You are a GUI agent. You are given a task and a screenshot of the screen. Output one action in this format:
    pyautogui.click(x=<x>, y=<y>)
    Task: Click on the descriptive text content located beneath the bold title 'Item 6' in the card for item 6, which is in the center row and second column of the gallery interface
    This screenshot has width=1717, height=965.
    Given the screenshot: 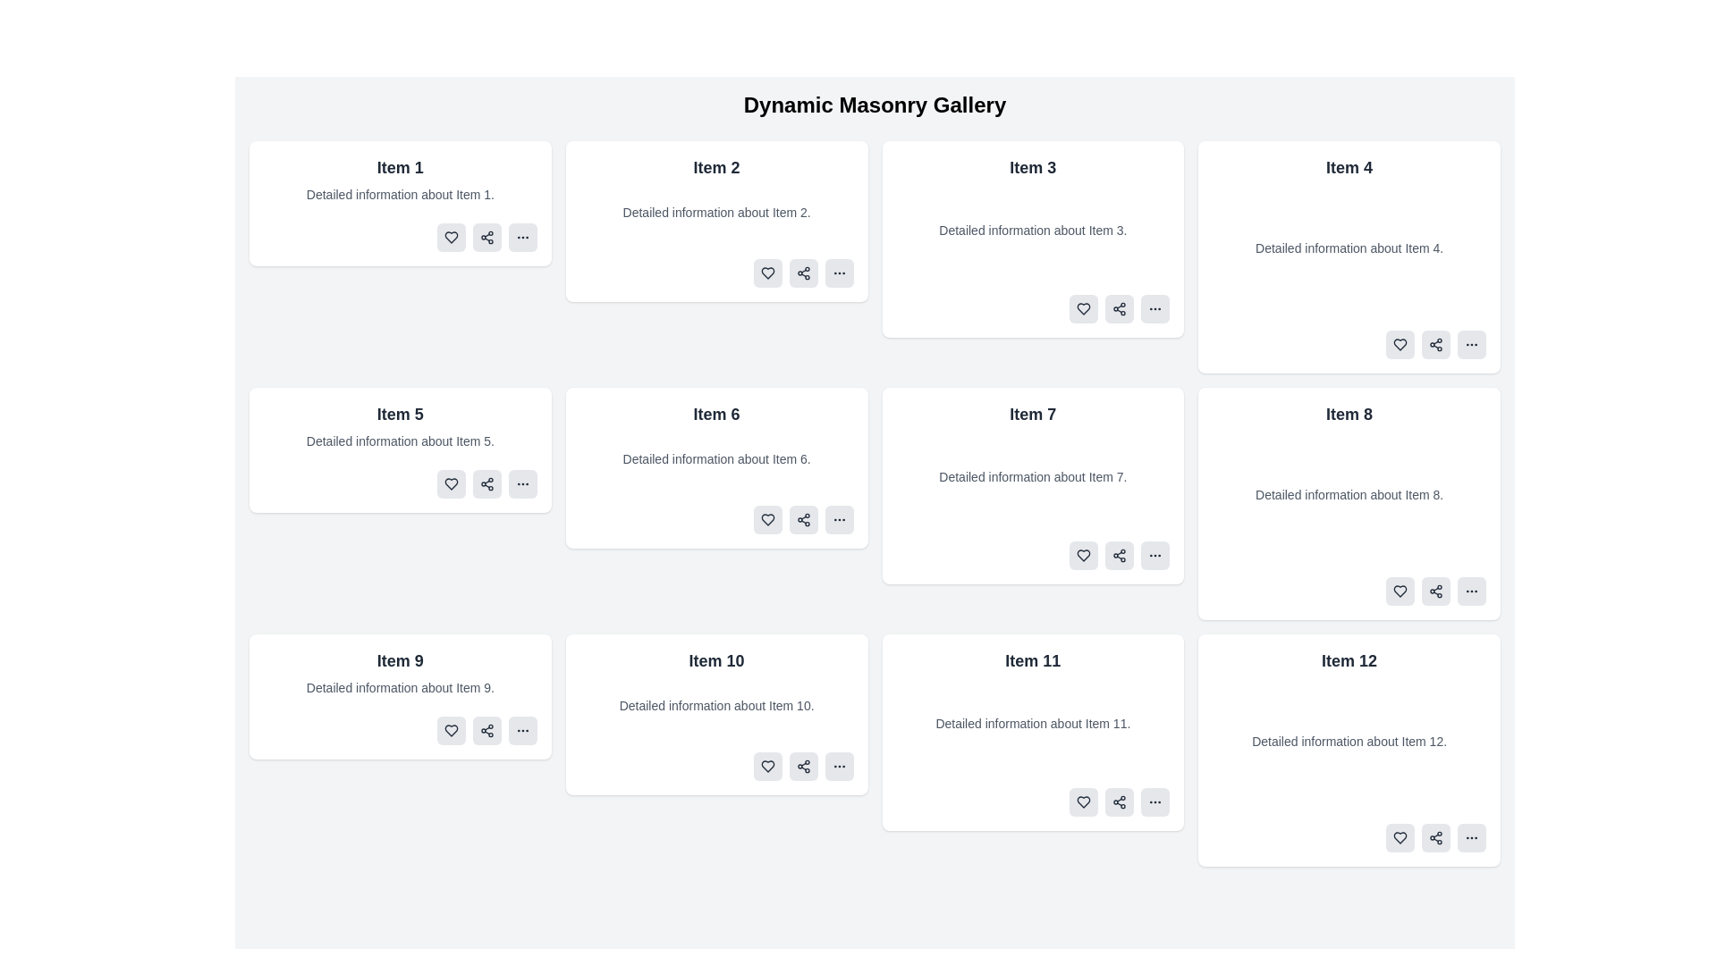 What is the action you would take?
    pyautogui.click(x=716, y=457)
    